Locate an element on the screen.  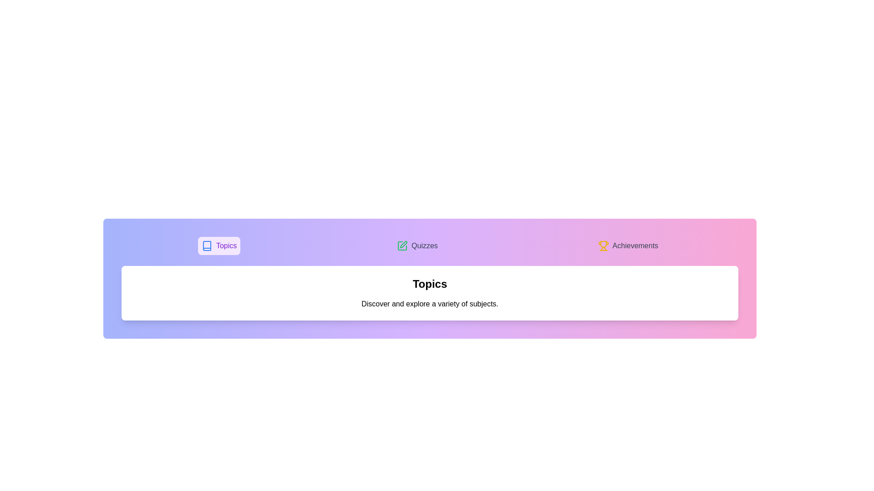
the tab labeled Quizzes to observe its hover effect is located at coordinates (417, 245).